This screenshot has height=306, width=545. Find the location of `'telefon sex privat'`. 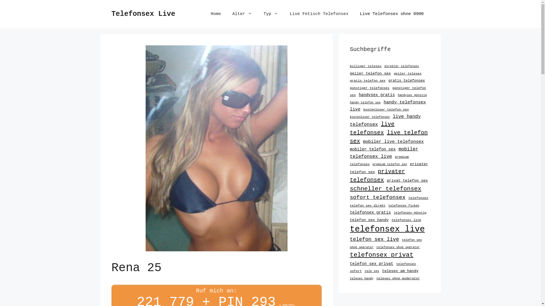

'telefon sex privat' is located at coordinates (349, 263).